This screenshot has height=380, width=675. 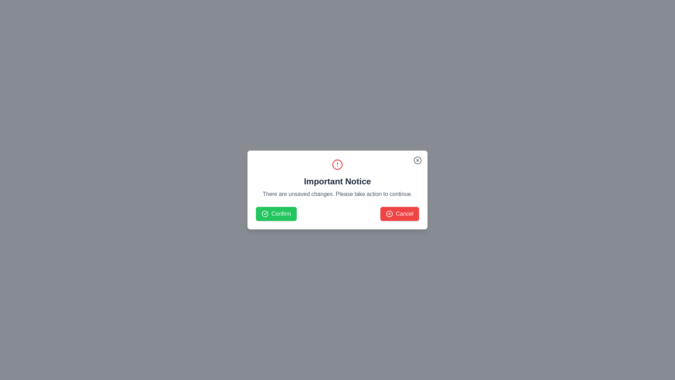 What do you see at coordinates (400, 214) in the screenshot?
I see `the cancellation button located in the bottom-right section of the dialog box` at bounding box center [400, 214].